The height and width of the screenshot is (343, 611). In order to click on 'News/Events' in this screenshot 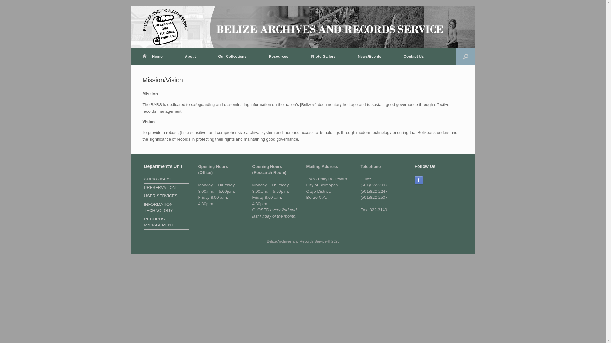, I will do `click(369, 56)`.